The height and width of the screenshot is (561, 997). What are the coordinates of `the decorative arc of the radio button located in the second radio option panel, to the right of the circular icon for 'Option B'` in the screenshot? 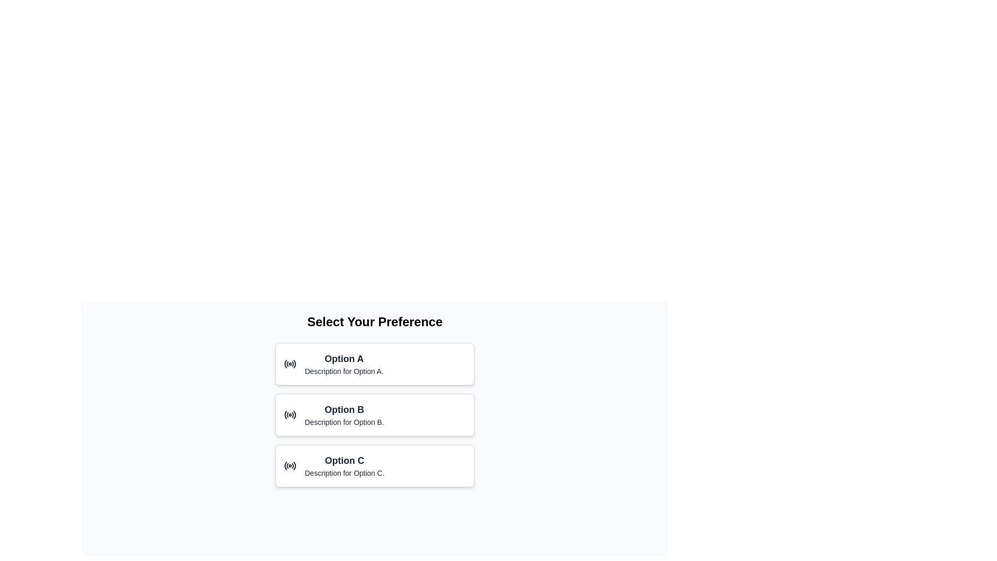 It's located at (294, 414).